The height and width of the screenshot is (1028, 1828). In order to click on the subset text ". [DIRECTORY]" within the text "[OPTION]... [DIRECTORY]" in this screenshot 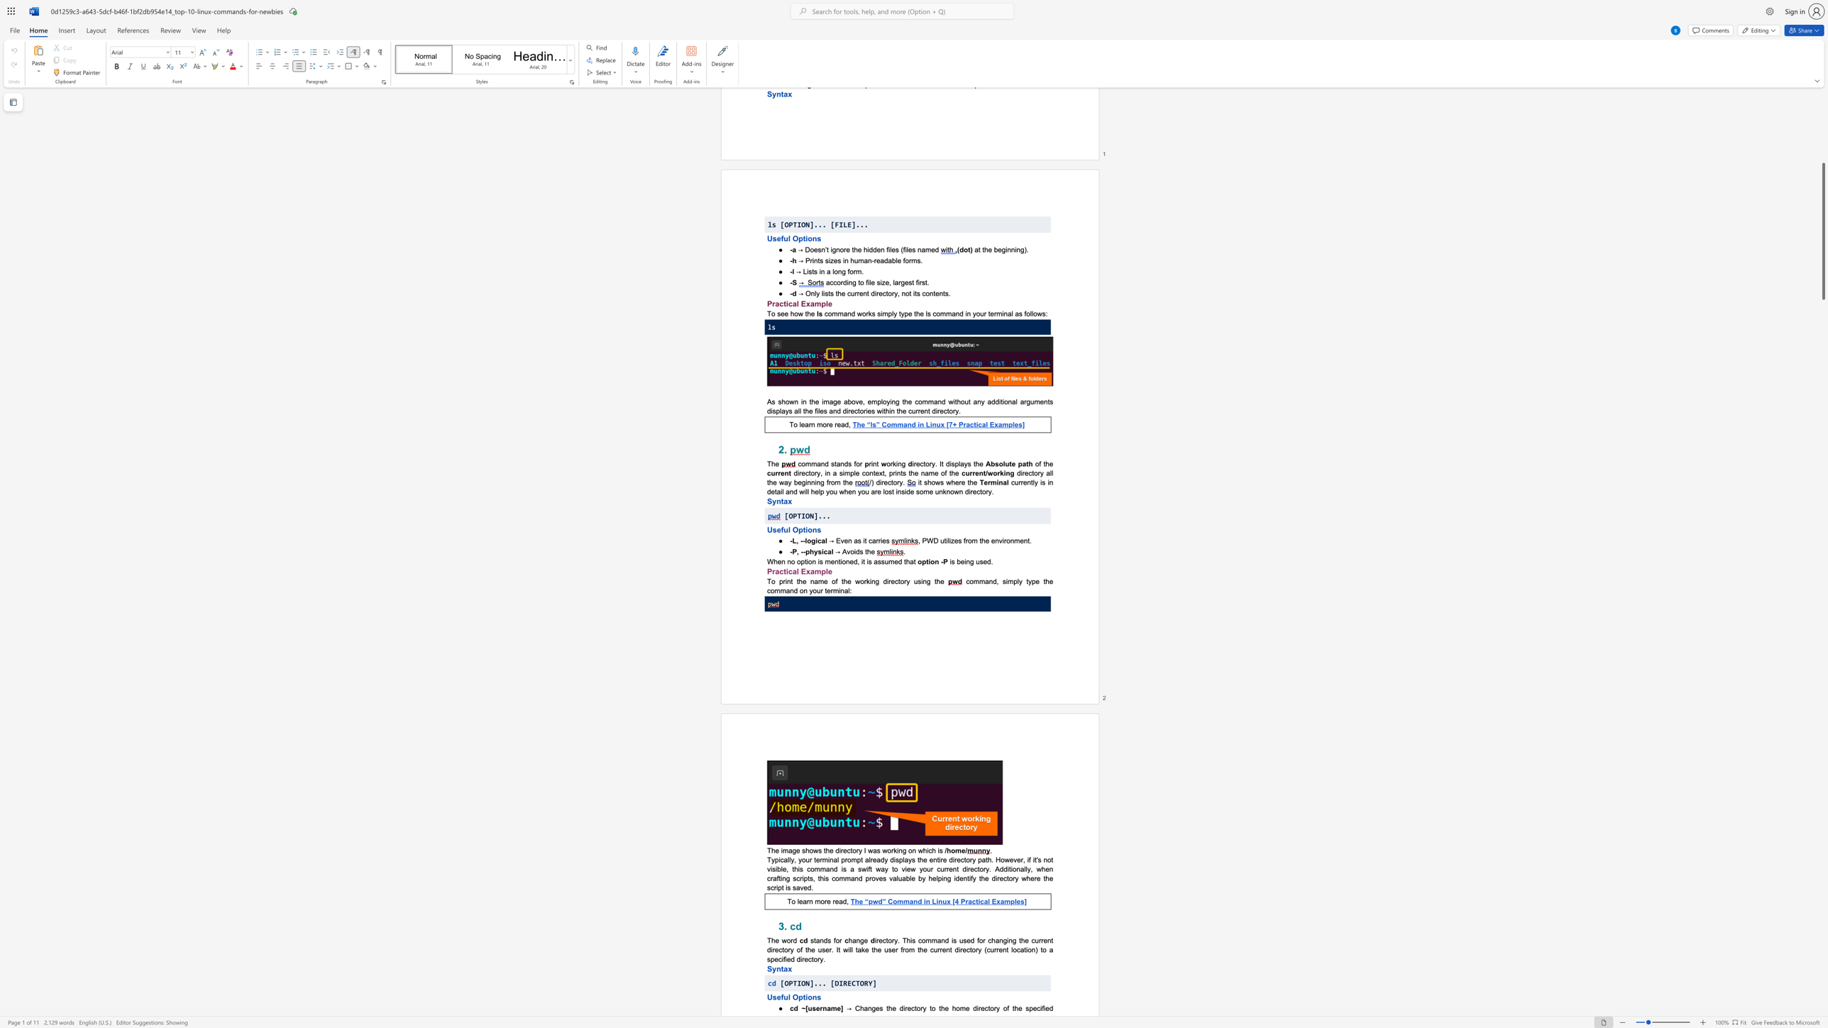, I will do `click(821, 983)`.